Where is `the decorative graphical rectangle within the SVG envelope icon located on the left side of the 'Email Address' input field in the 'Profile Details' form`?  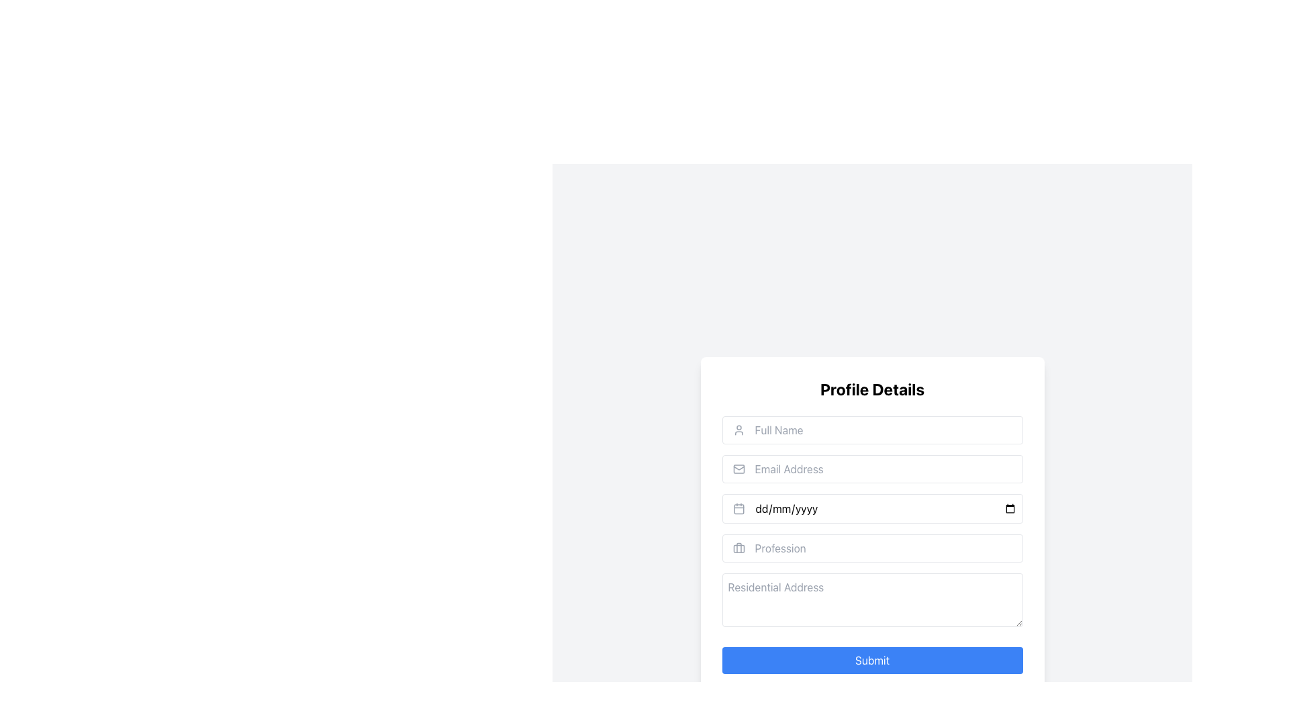 the decorative graphical rectangle within the SVG envelope icon located on the left side of the 'Email Address' input field in the 'Profile Details' form is located at coordinates (738, 468).